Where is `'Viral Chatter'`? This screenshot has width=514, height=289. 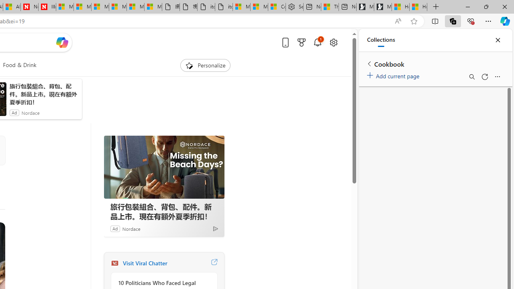 'Viral Chatter' is located at coordinates (114, 263).